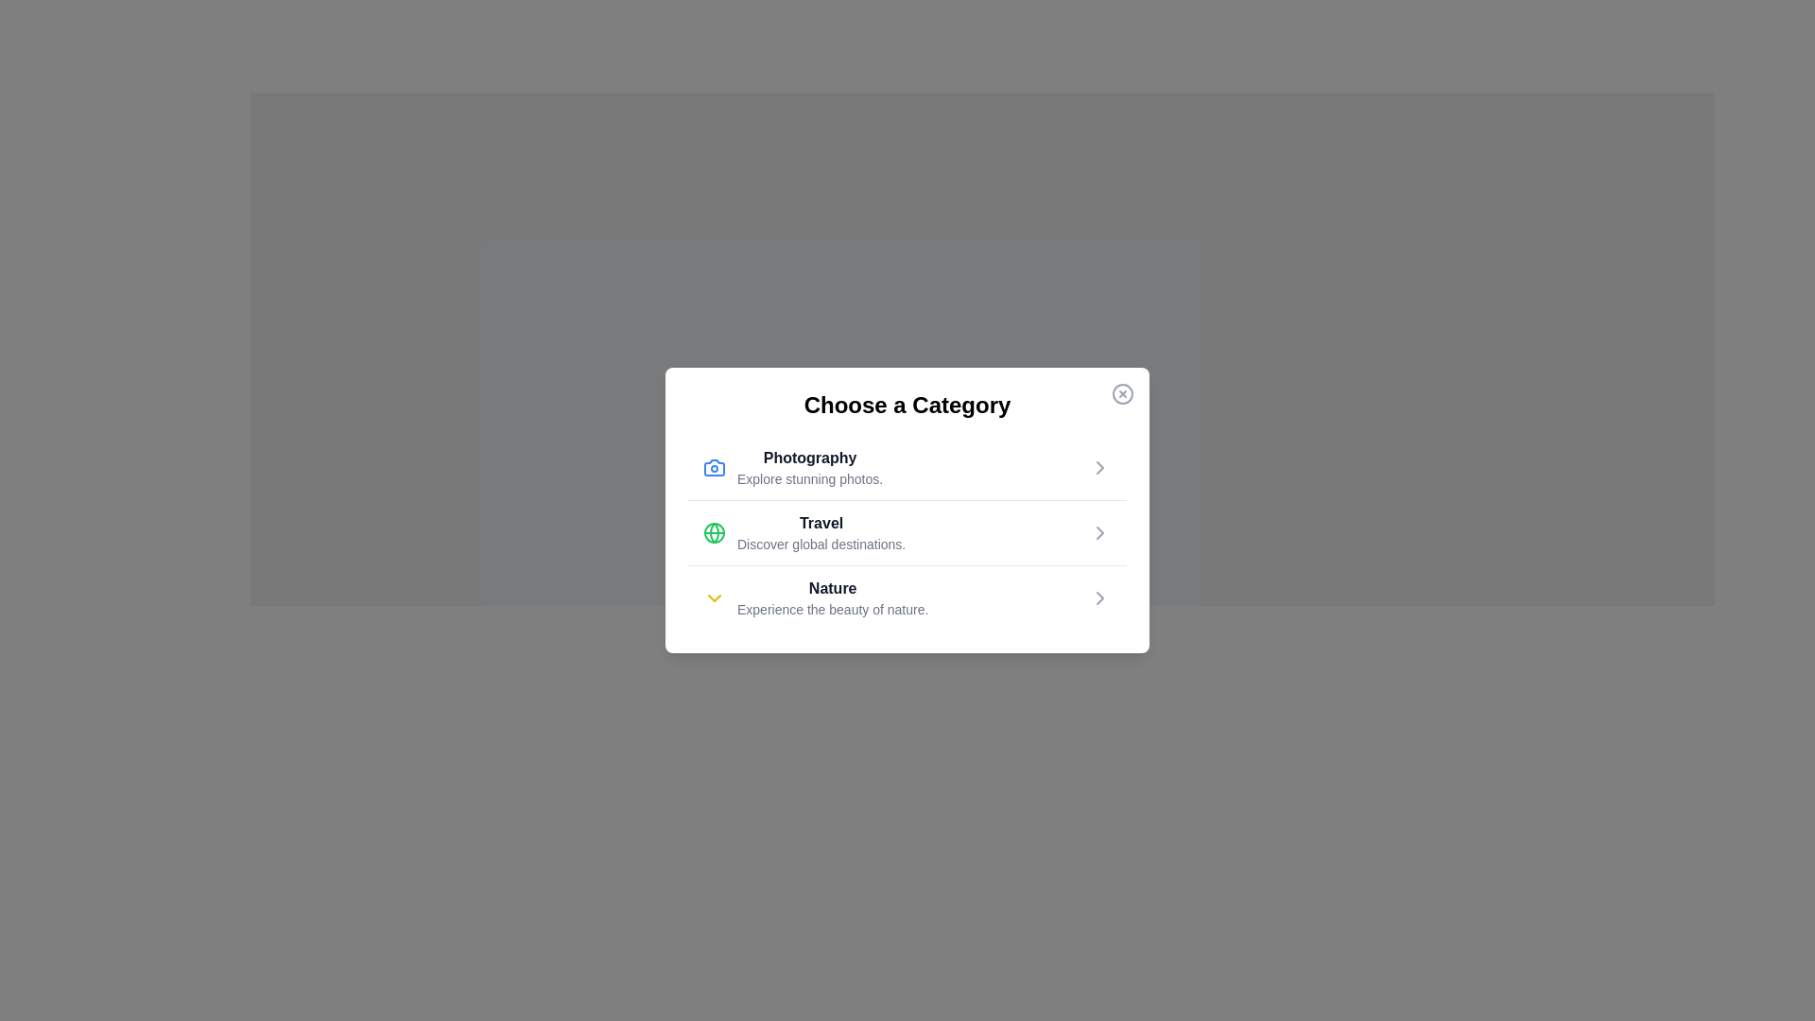 The image size is (1815, 1021). What do you see at coordinates (907, 597) in the screenshot?
I see `the 'Nature' category list item` at bounding box center [907, 597].